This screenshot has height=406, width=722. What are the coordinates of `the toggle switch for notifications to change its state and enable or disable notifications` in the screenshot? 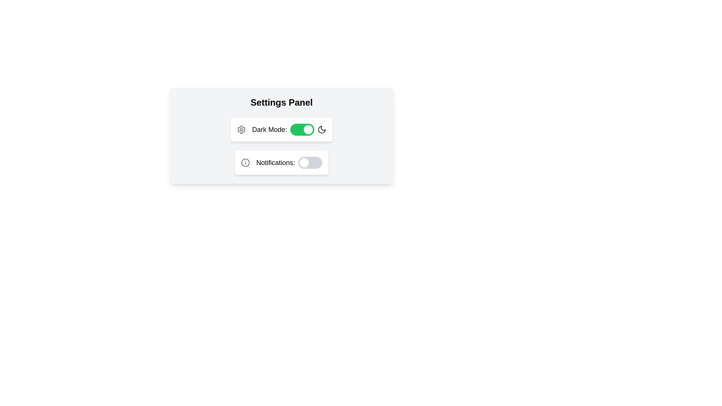 It's located at (310, 162).